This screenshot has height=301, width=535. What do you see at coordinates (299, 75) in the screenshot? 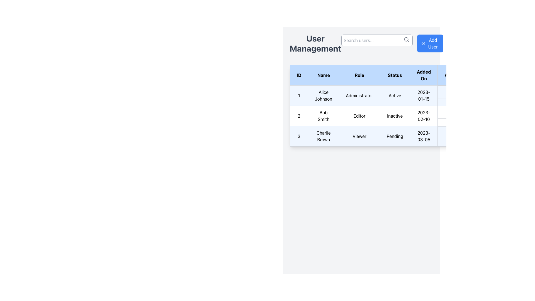
I see `the Table Header Cell that labels the ID column, located in the top-left corner of the table` at bounding box center [299, 75].